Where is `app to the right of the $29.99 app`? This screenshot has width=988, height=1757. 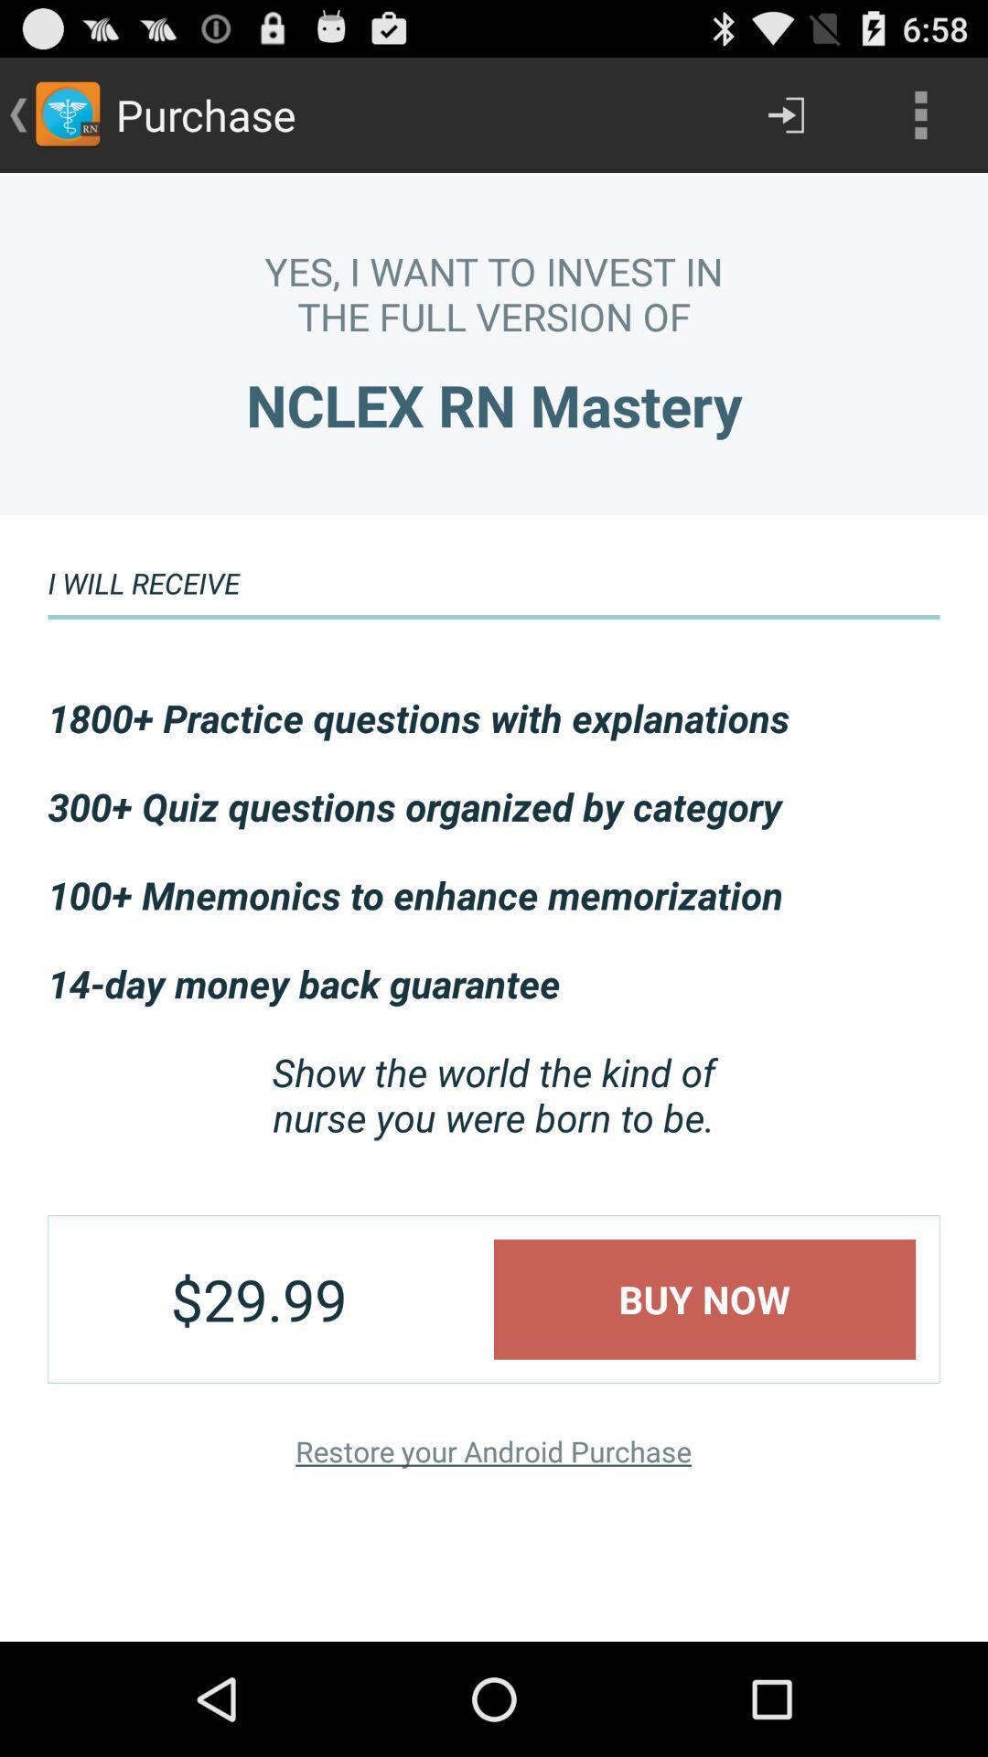
app to the right of the $29.99 app is located at coordinates (703, 1299).